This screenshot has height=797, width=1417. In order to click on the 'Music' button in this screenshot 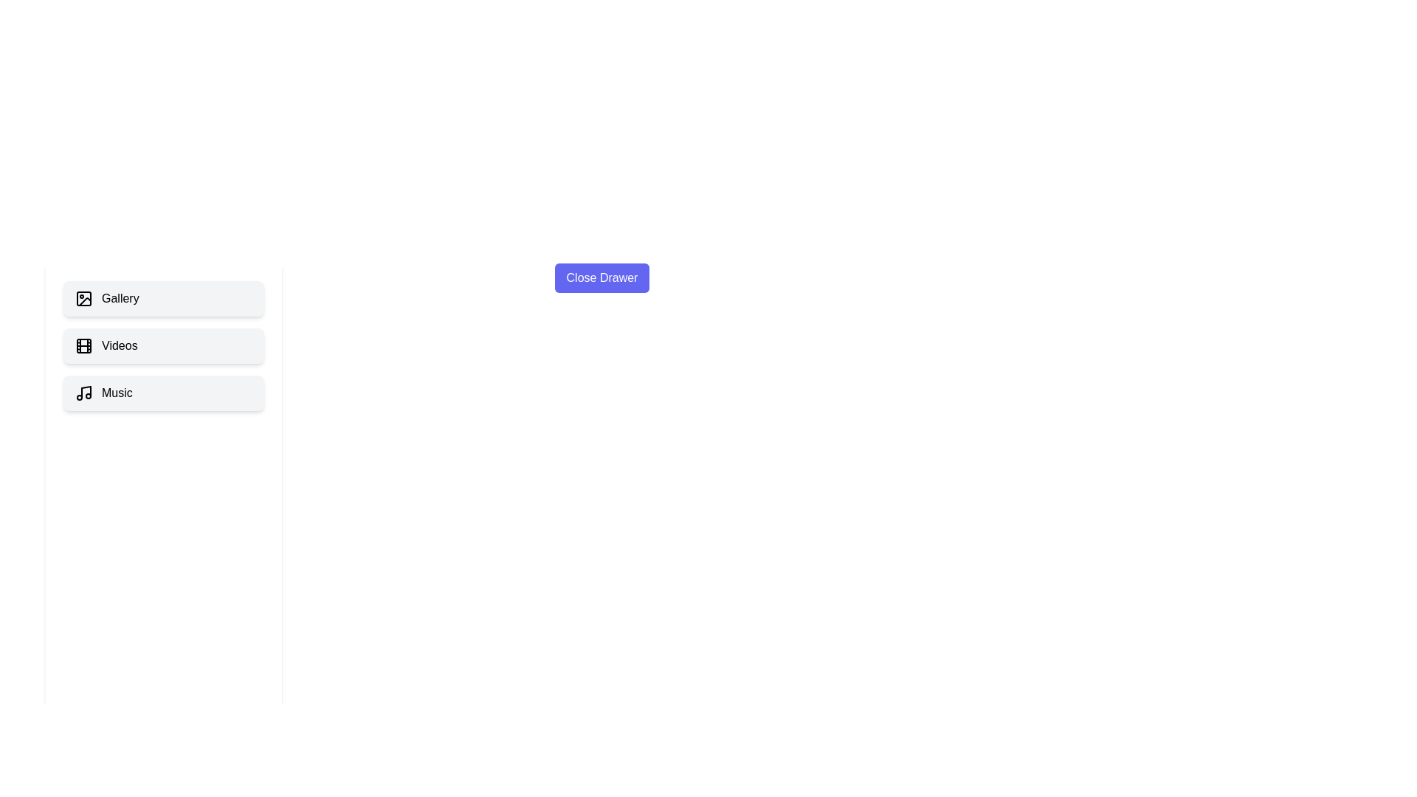, I will do `click(163, 392)`.